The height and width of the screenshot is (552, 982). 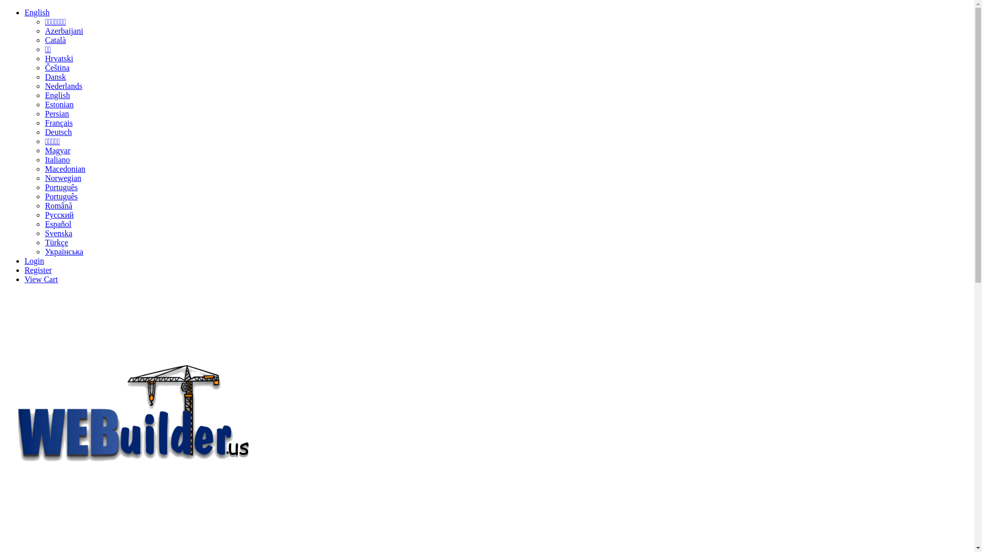 What do you see at coordinates (58, 233) in the screenshot?
I see `'Svenska'` at bounding box center [58, 233].